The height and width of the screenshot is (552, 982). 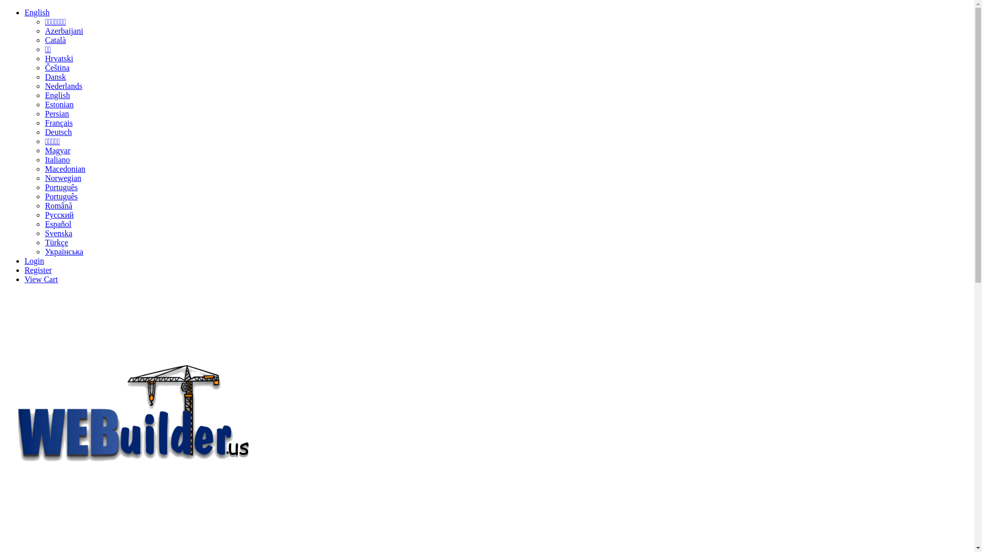 What do you see at coordinates (58, 233) in the screenshot?
I see `'Svenska'` at bounding box center [58, 233].